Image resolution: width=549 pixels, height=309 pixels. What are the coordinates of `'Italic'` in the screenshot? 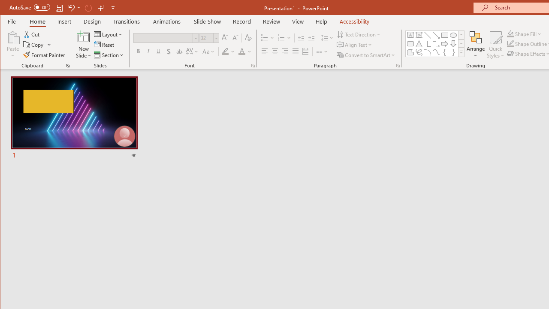 It's located at (148, 51).